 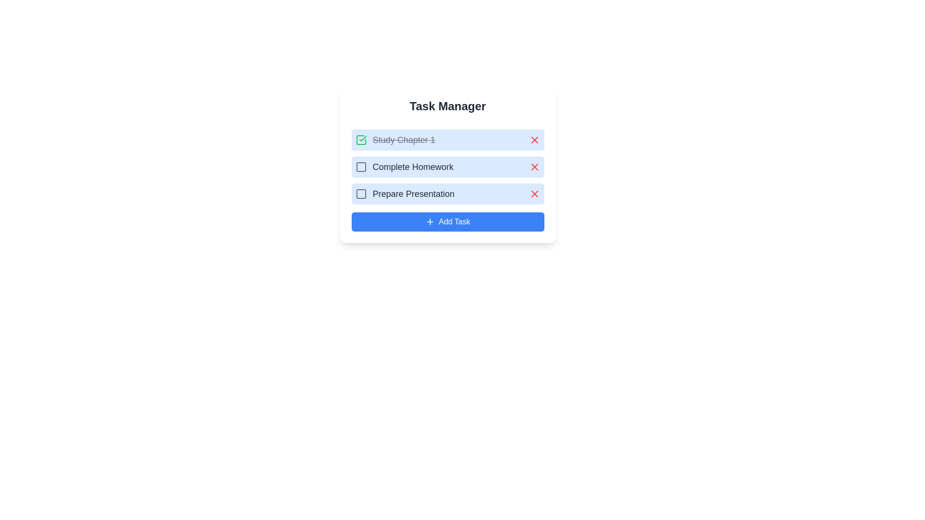 What do you see at coordinates (360, 194) in the screenshot?
I see `the interactive checkbox for the task 'Prepare Presentation'` at bounding box center [360, 194].